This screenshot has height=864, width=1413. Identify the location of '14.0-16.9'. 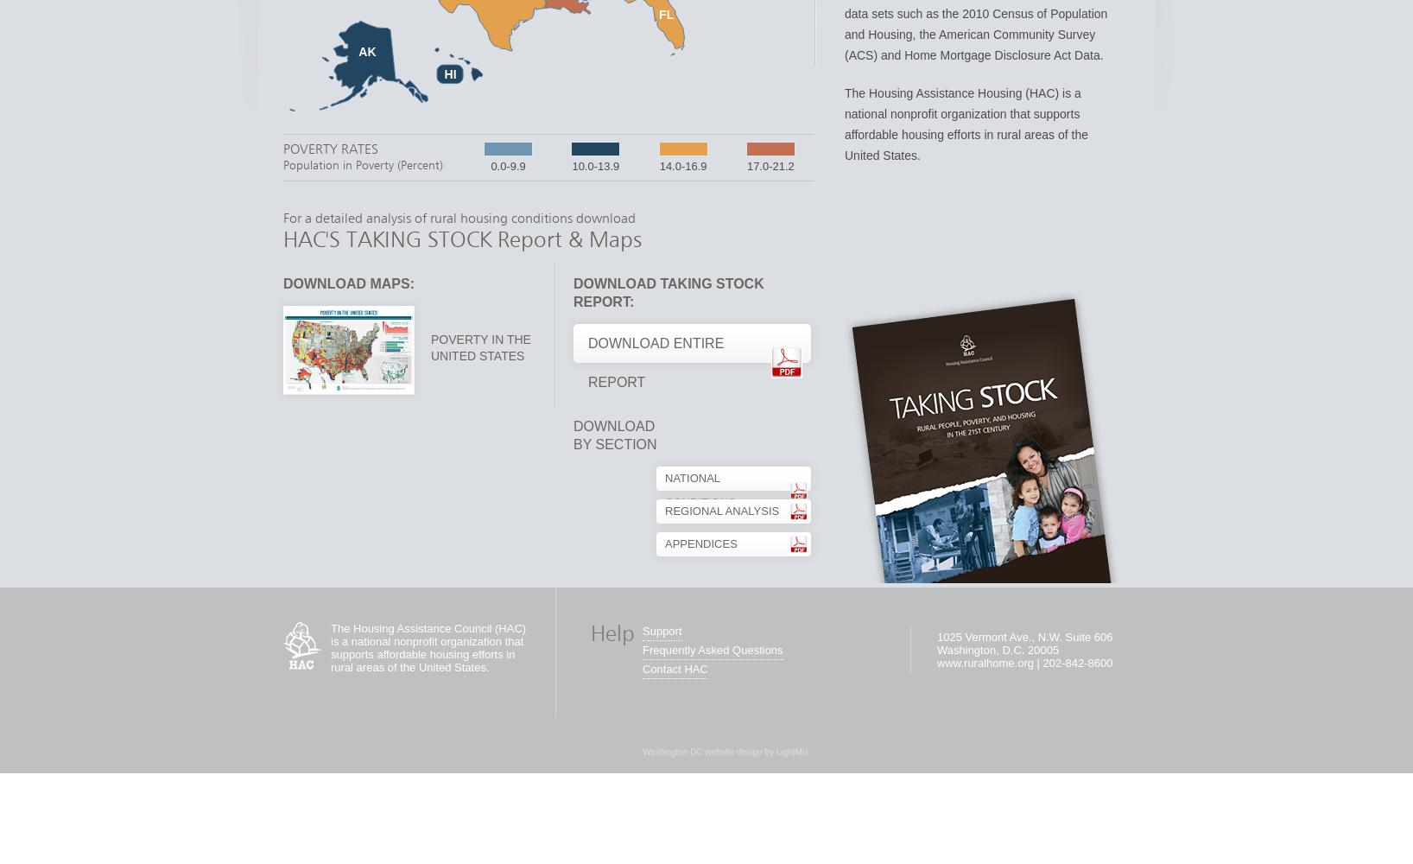
(682, 165).